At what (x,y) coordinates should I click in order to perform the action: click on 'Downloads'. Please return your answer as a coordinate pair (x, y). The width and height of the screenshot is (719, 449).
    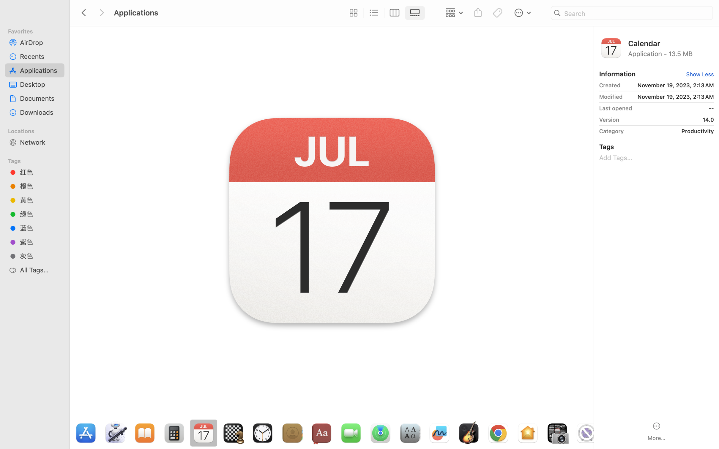
    Looking at the image, I should click on (40, 112).